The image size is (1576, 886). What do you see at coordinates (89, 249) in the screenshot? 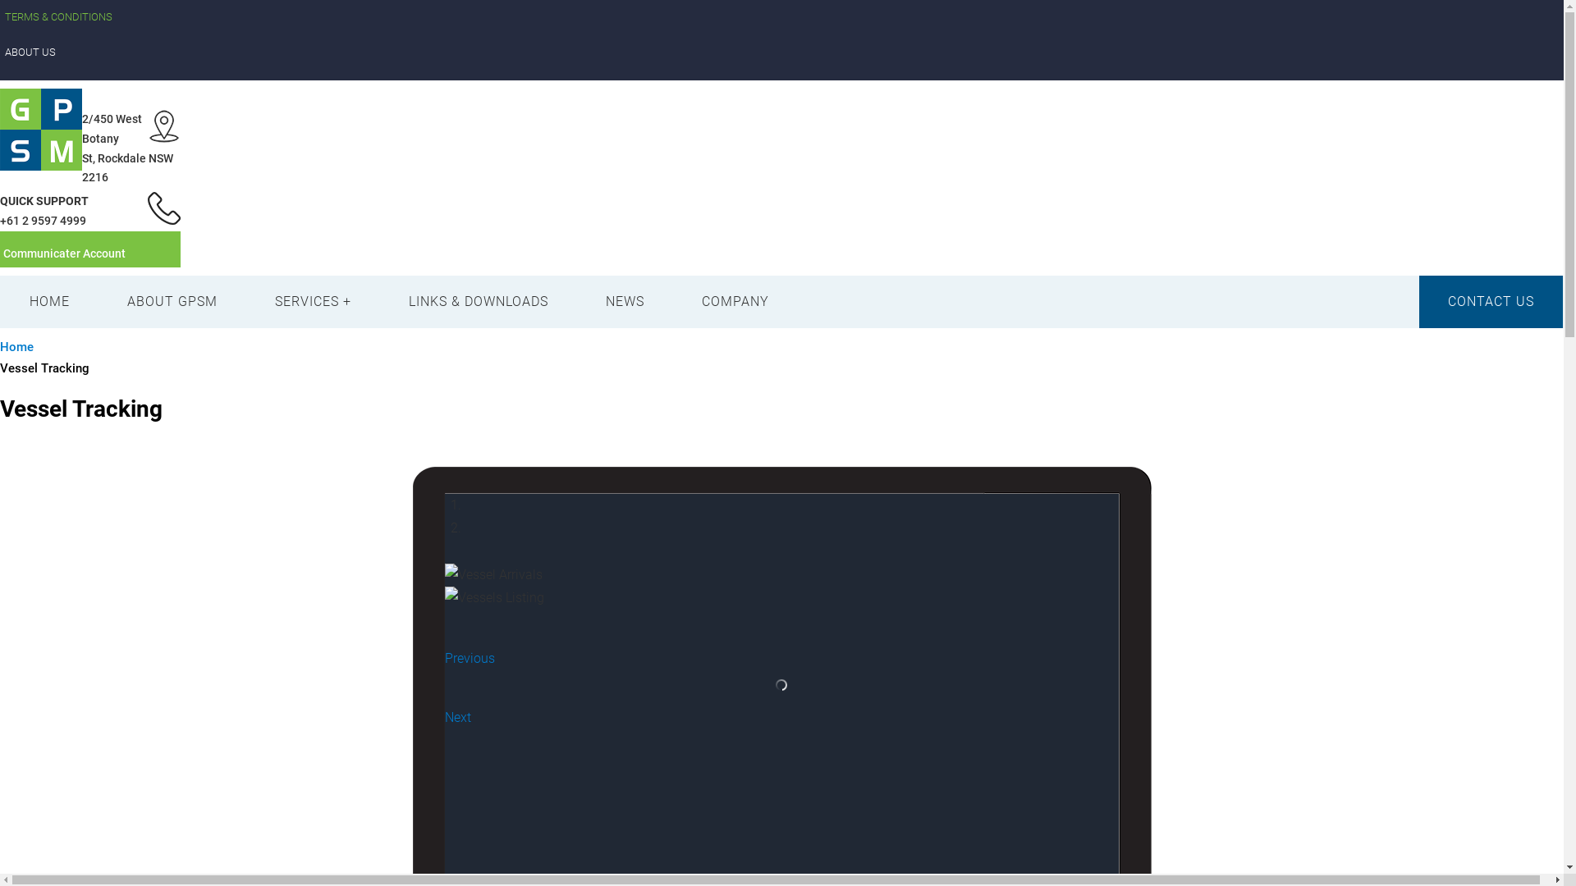
I see `'Communicater Account'` at bounding box center [89, 249].